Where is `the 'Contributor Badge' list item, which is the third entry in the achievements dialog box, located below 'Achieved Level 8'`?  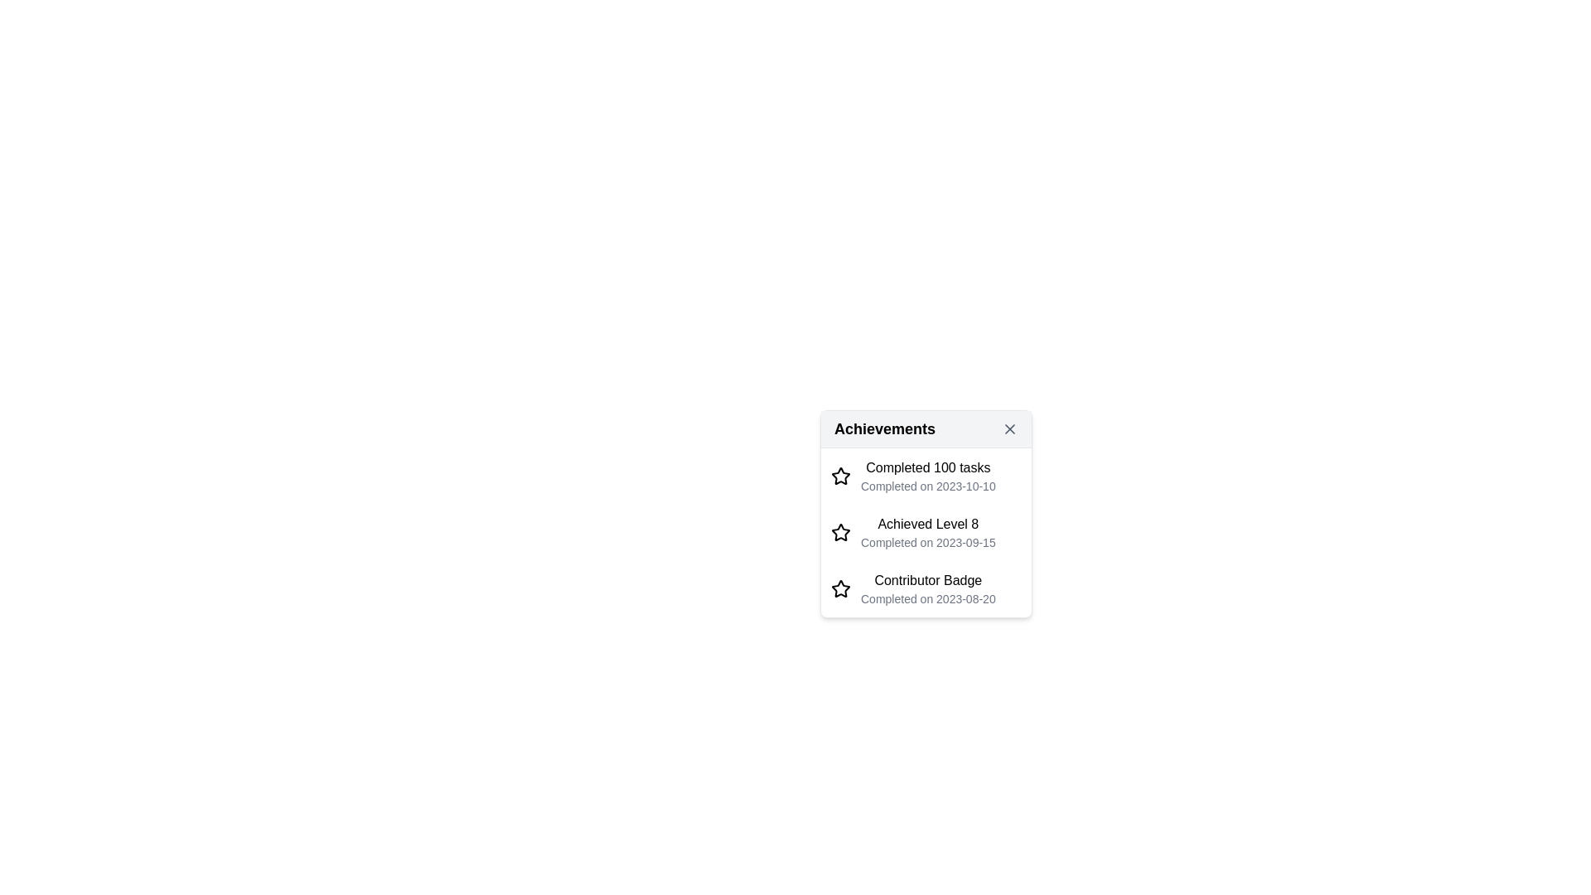
the 'Contributor Badge' list item, which is the third entry in the achievements dialog box, located below 'Achieved Level 8' is located at coordinates (926, 587).